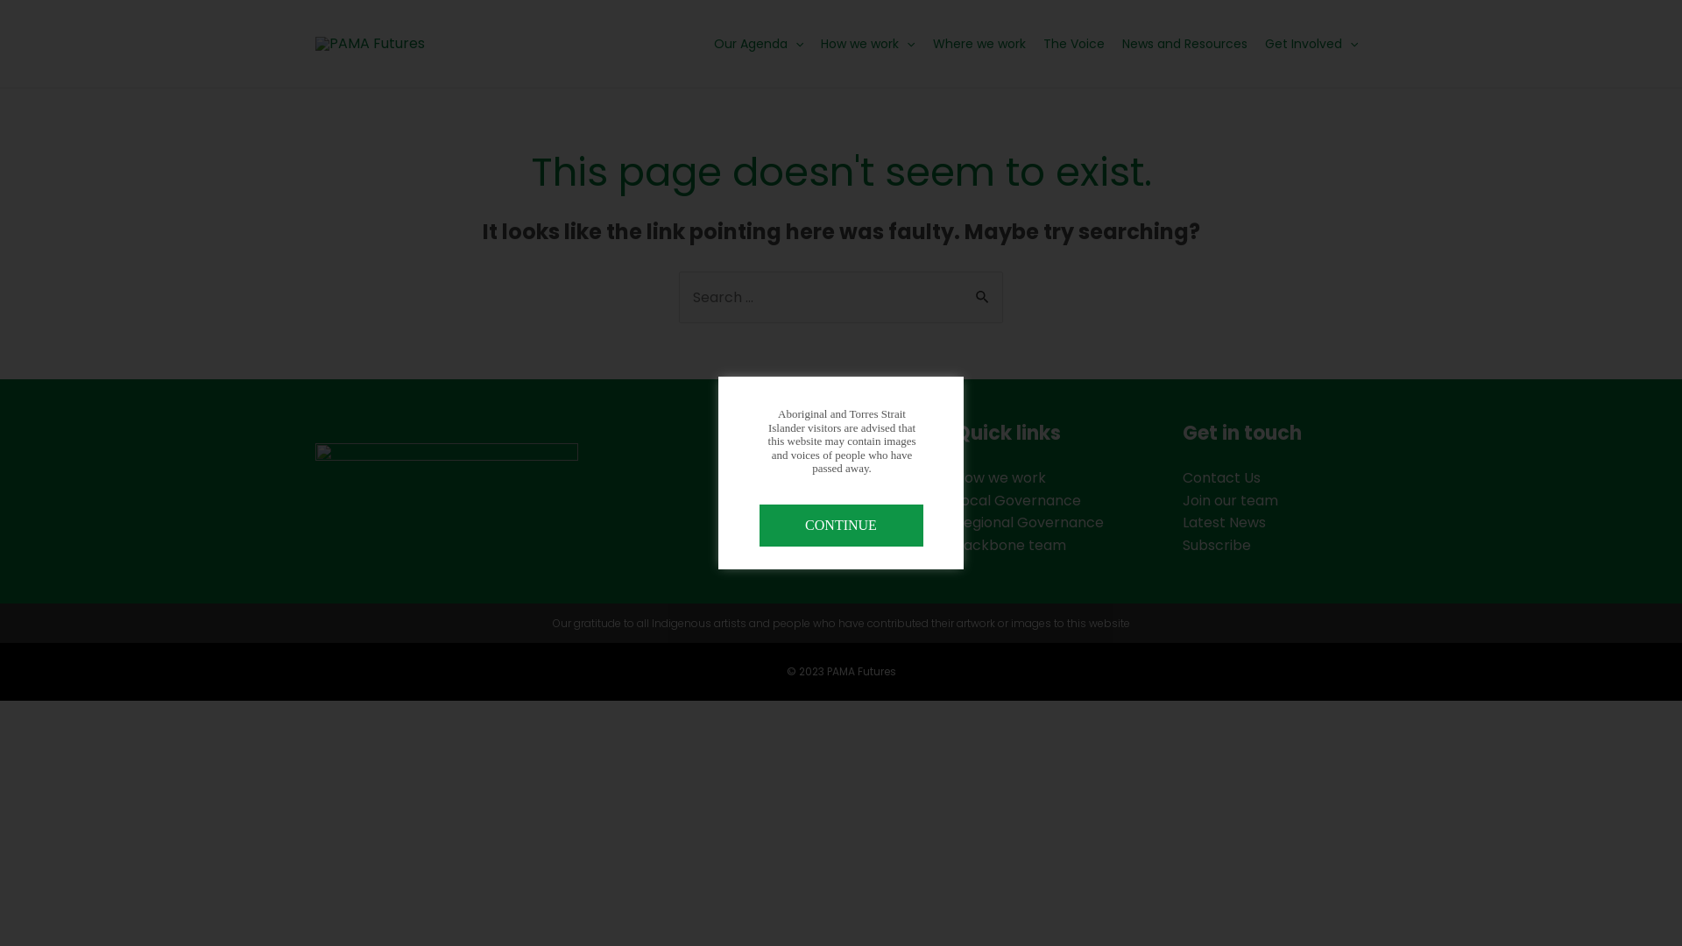 This screenshot has height=946, width=1682. Describe the element at coordinates (979, 43) in the screenshot. I see `'Where we work'` at that location.